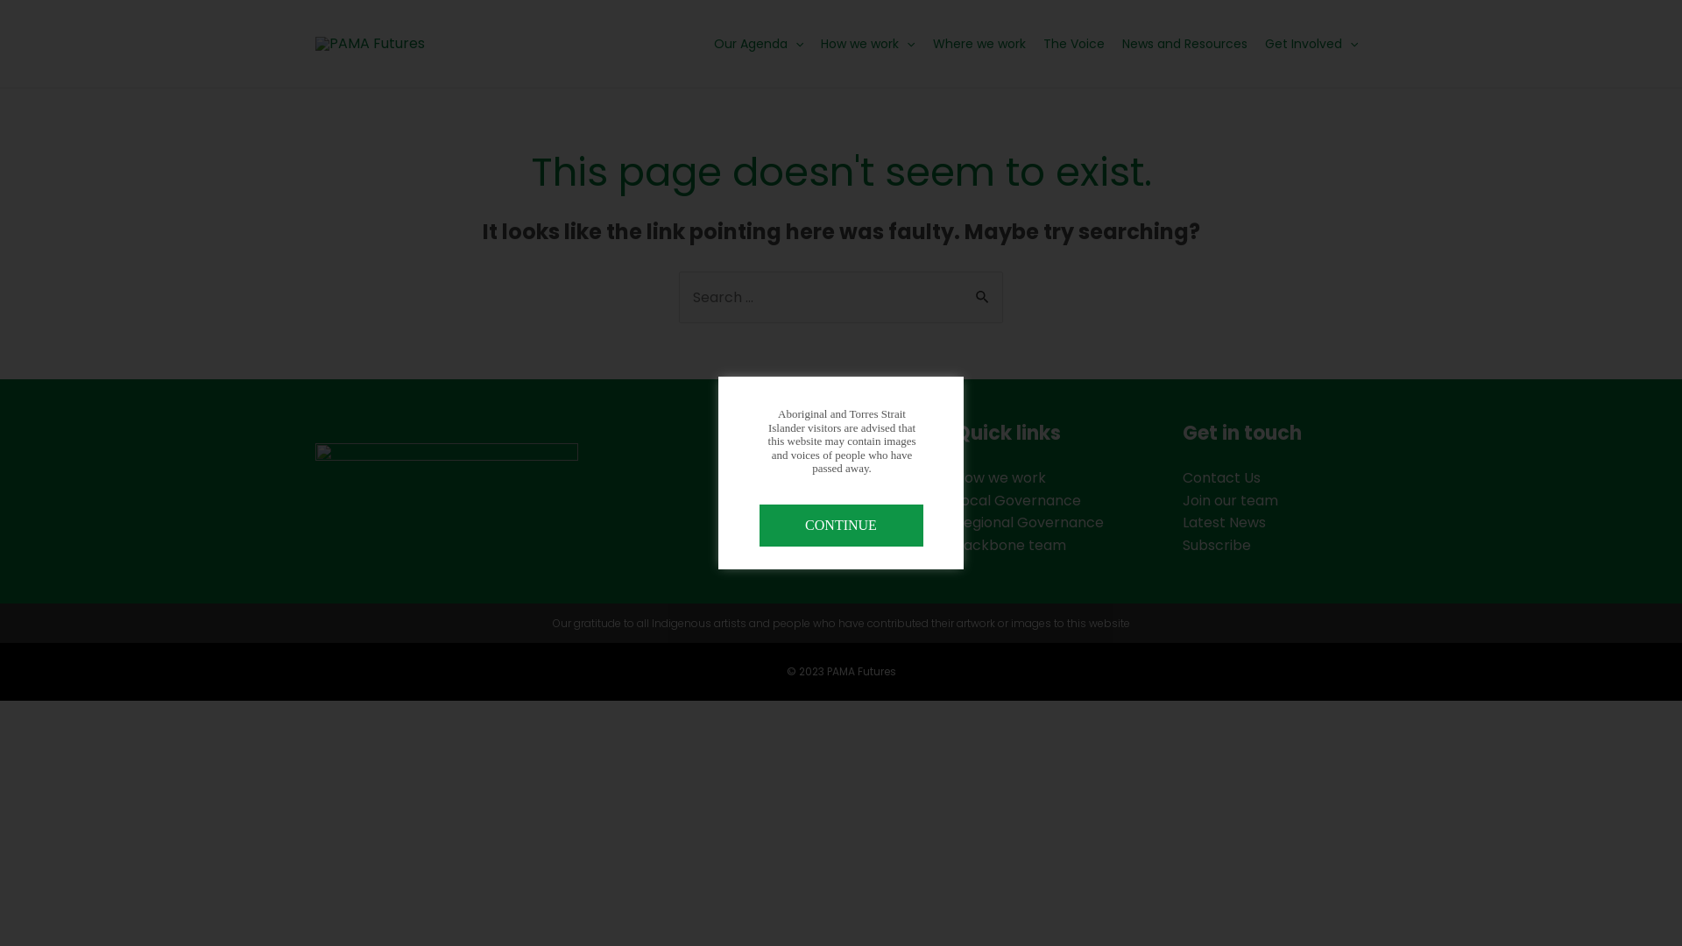 This screenshot has height=946, width=1682. Describe the element at coordinates (979, 43) in the screenshot. I see `'Where we work'` at that location.